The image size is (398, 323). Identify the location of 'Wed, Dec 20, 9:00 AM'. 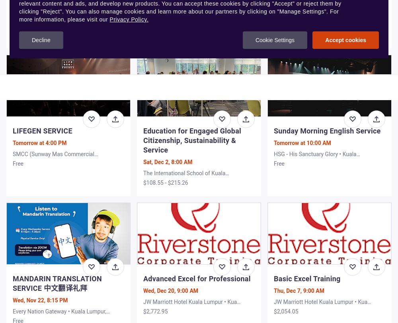
(171, 291).